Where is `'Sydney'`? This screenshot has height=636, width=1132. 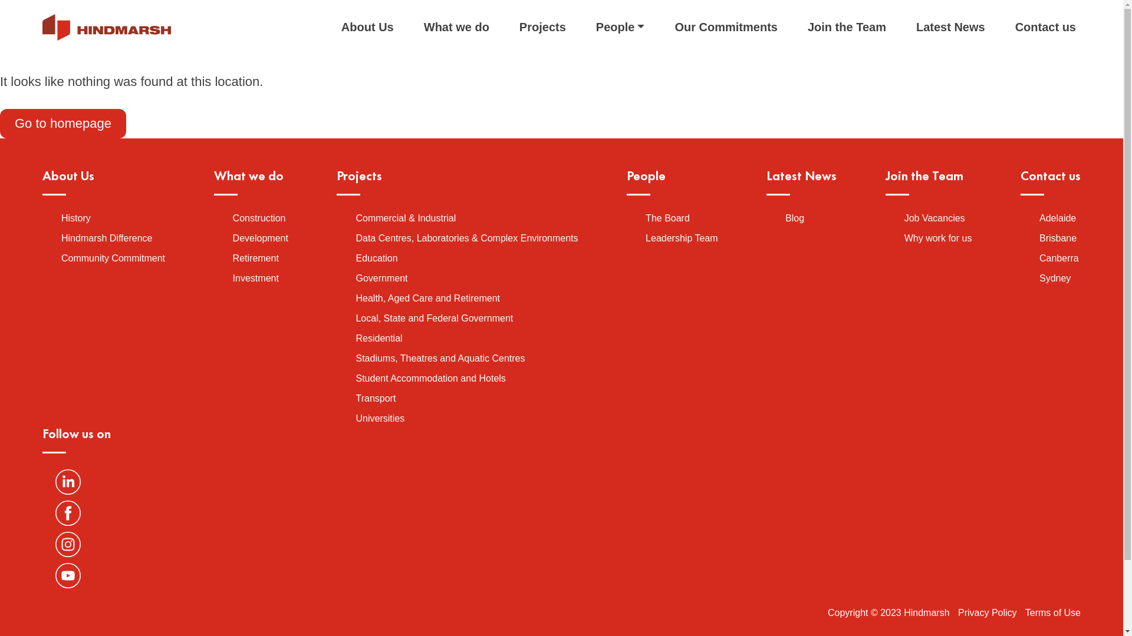 'Sydney' is located at coordinates (1055, 278).